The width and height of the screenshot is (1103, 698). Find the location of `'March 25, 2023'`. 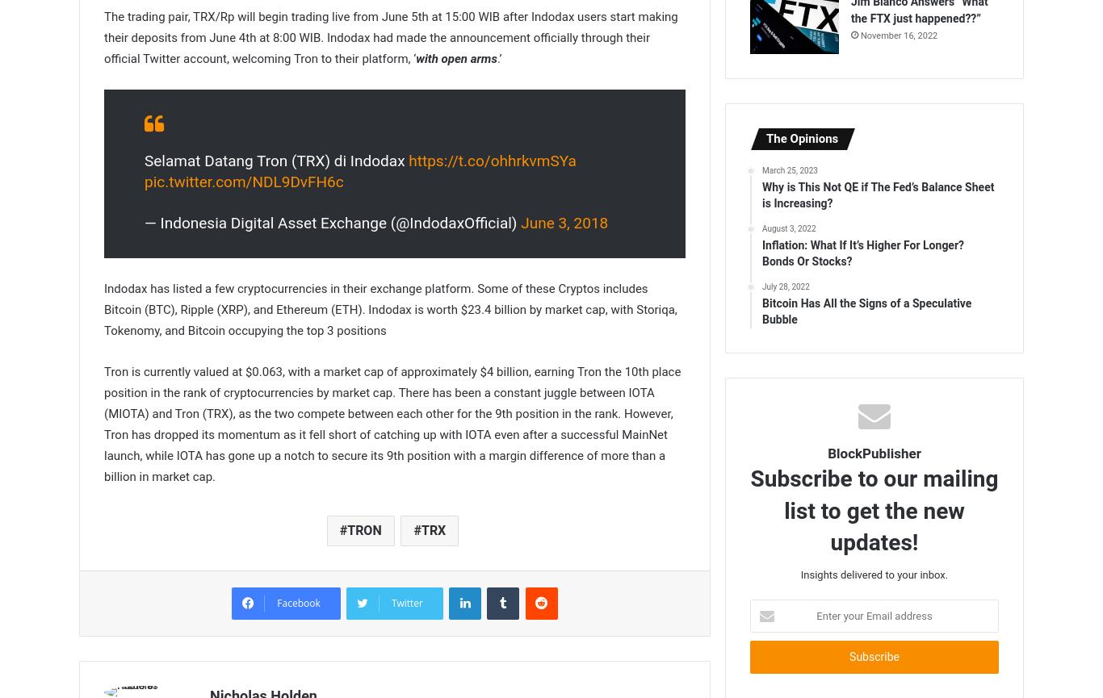

'March 25, 2023' is located at coordinates (790, 169).